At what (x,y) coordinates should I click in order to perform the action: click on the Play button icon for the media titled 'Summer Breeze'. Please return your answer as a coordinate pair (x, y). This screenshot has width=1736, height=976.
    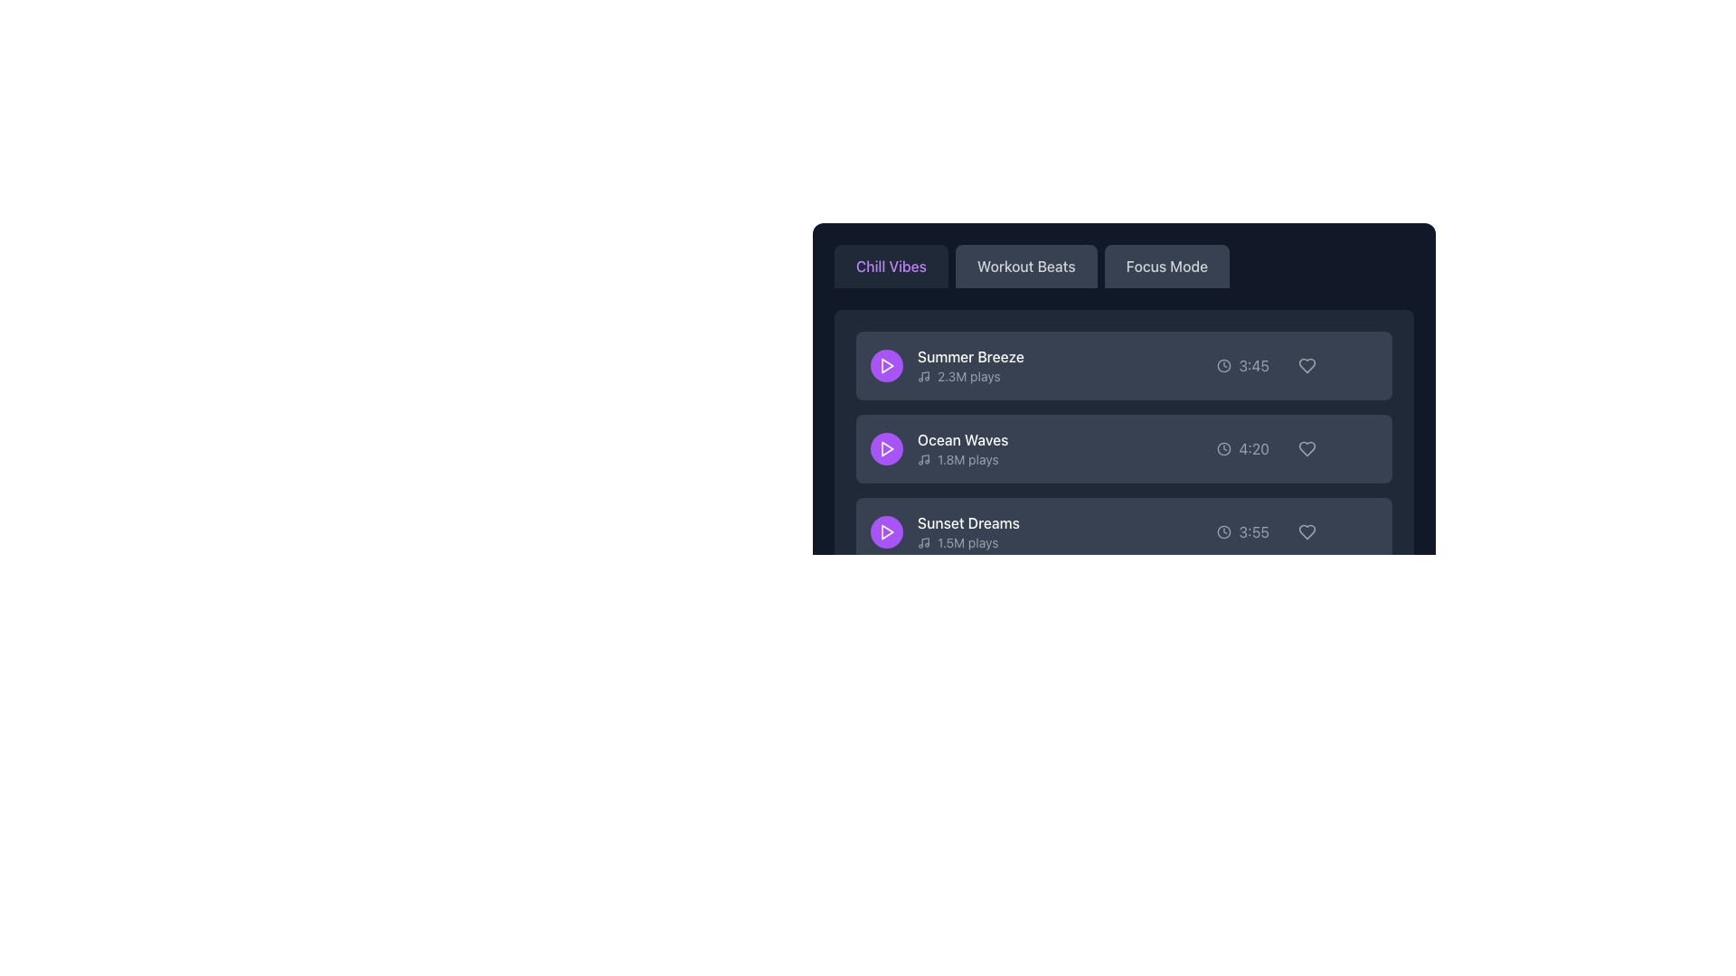
    Looking at the image, I should click on (887, 531).